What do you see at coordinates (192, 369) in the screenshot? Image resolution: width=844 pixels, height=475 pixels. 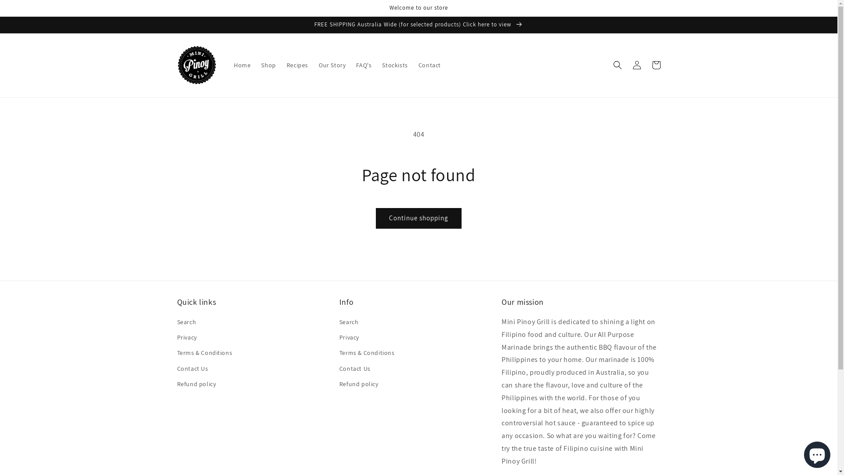 I see `'Contact Us'` at bounding box center [192, 369].